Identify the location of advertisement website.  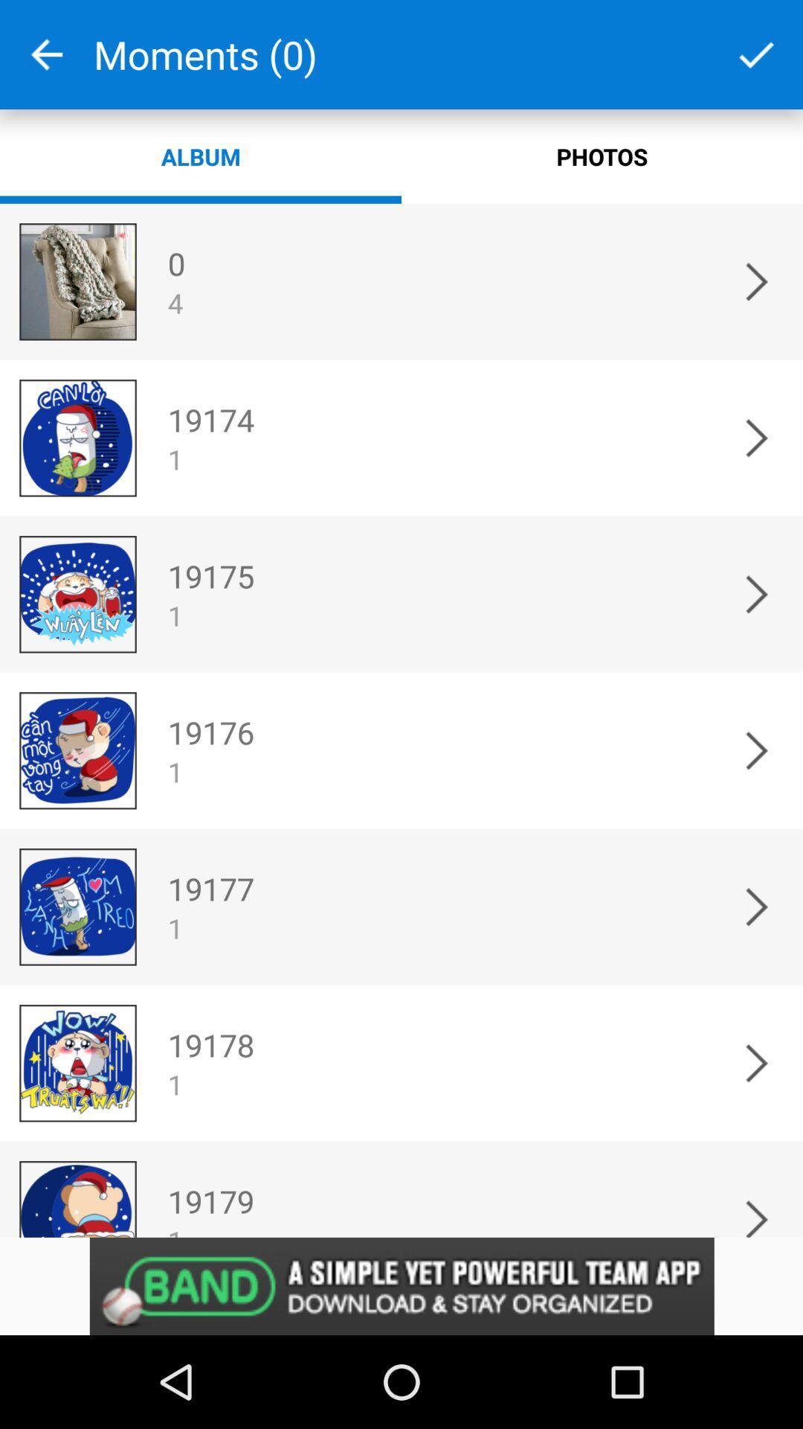
(401, 1285).